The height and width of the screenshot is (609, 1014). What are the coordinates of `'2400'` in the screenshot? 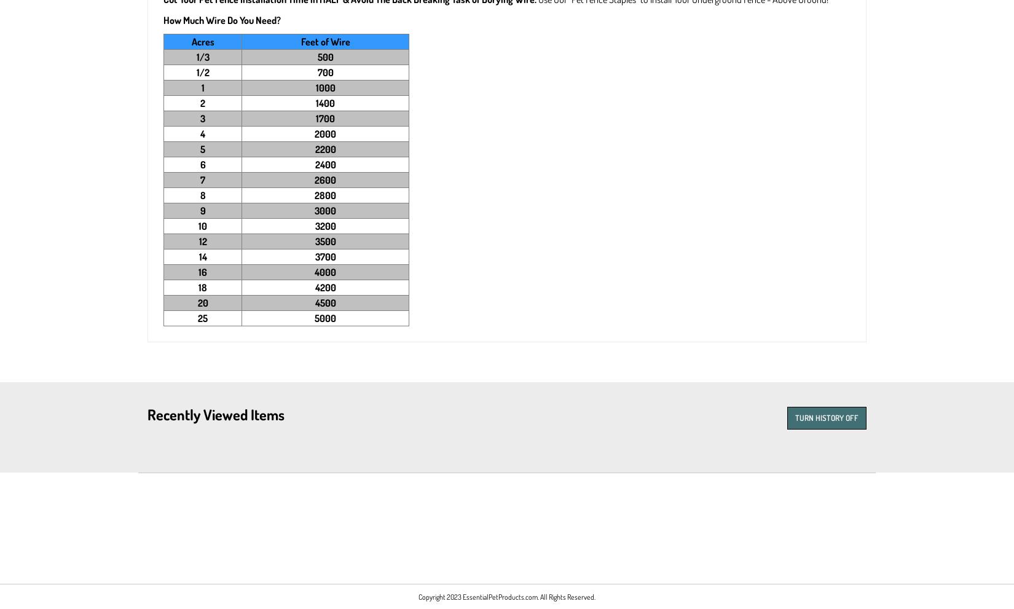 It's located at (324, 164).